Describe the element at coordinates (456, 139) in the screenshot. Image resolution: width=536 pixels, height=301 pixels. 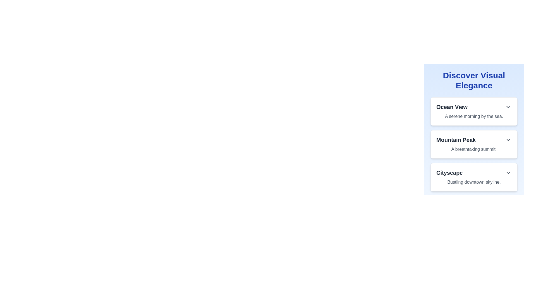
I see `the bold text label 'Mountain Peak', which is the main title of the second list item in a vertically arranged list` at that location.